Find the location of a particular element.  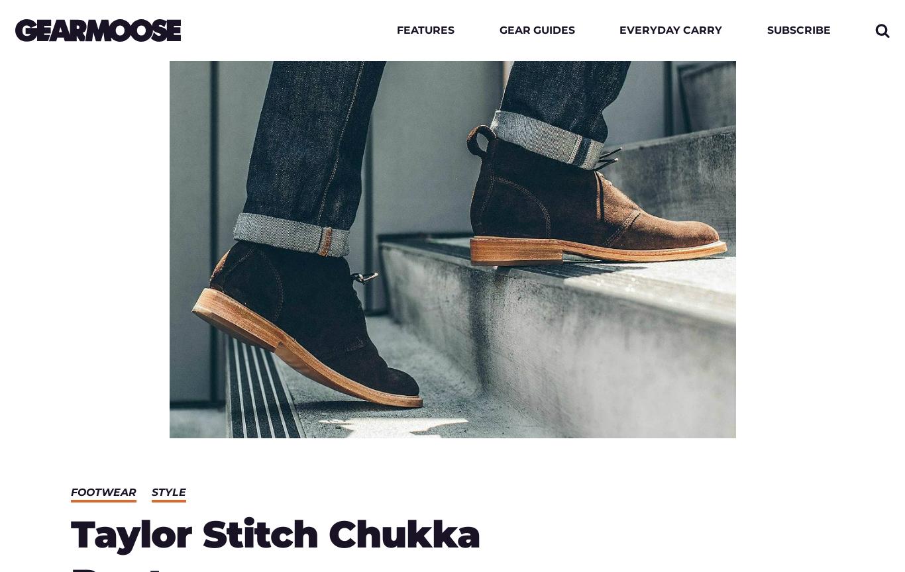

'Footwear' is located at coordinates (103, 492).